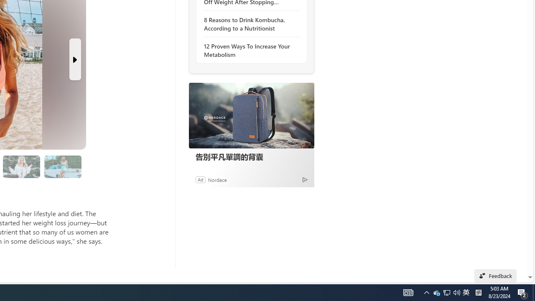 This screenshot has height=301, width=535. What do you see at coordinates (75, 59) in the screenshot?
I see `'Next Slide'` at bounding box center [75, 59].